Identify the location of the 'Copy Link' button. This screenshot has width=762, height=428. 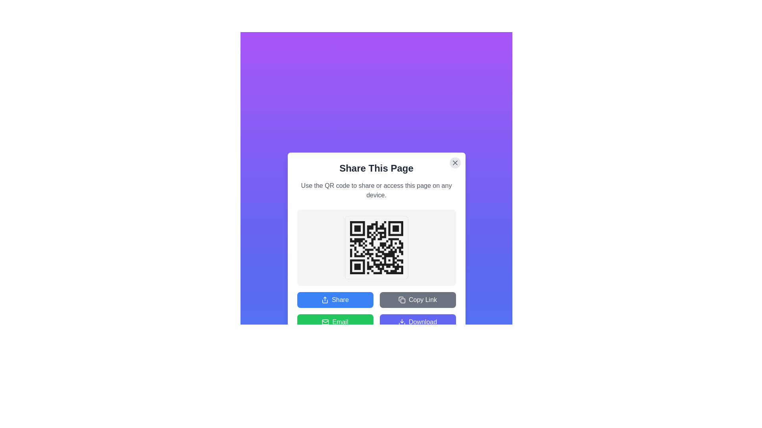
(417, 300).